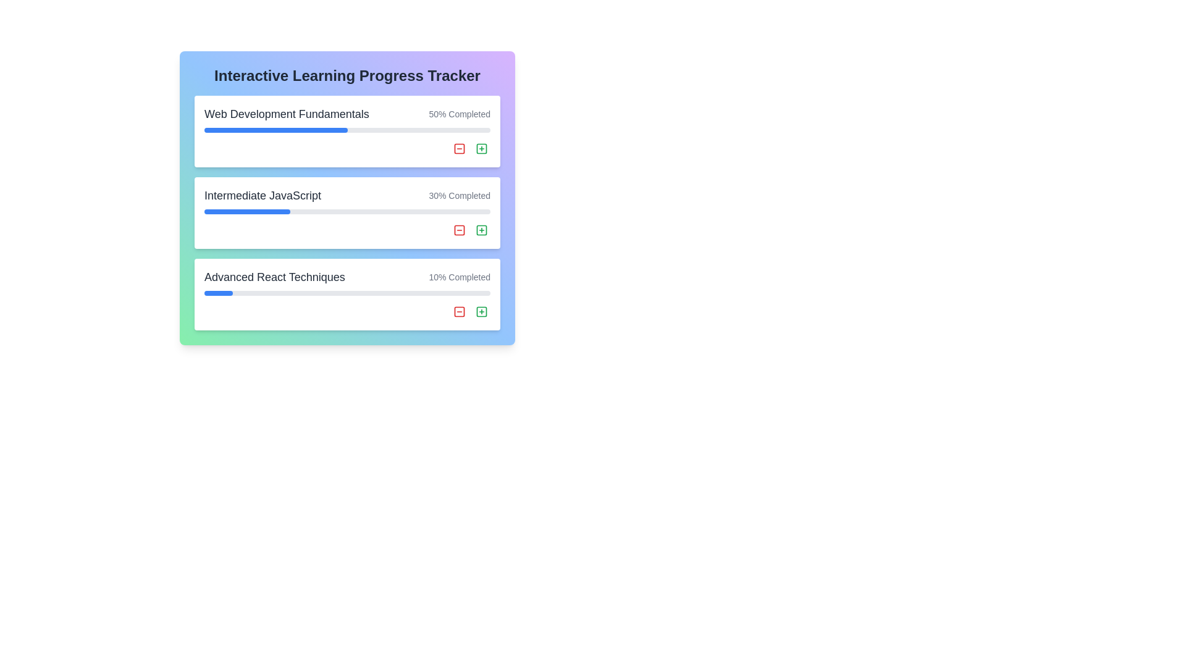 This screenshot has height=667, width=1186. Describe the element at coordinates (459, 230) in the screenshot. I see `the minus icon located immediately to the left of the green plus icon in the second card labeled 'Intermediate JavaScript'` at that location.